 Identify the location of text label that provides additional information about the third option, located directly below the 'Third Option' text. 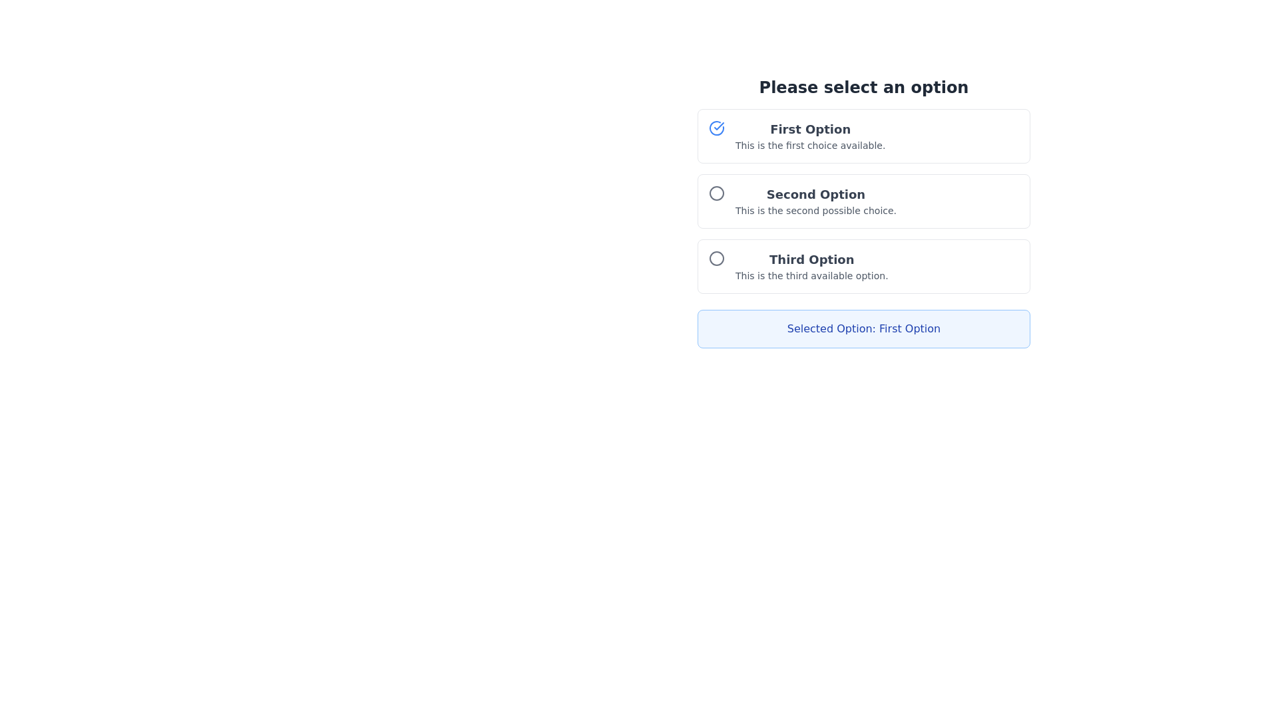
(811, 275).